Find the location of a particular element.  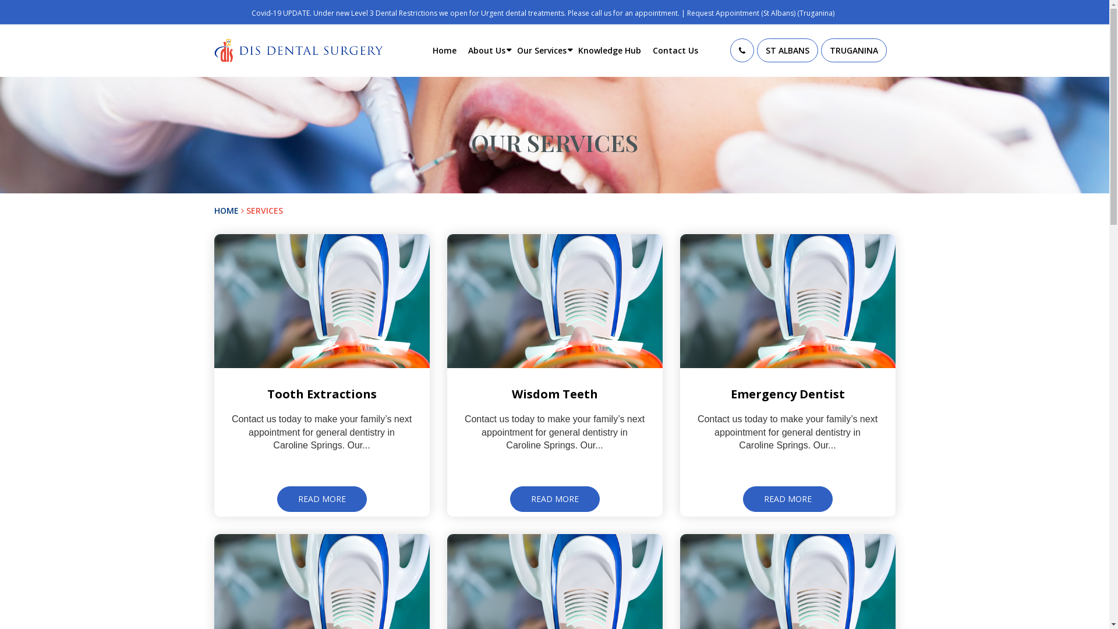

'READ MORE' is located at coordinates (510, 498).